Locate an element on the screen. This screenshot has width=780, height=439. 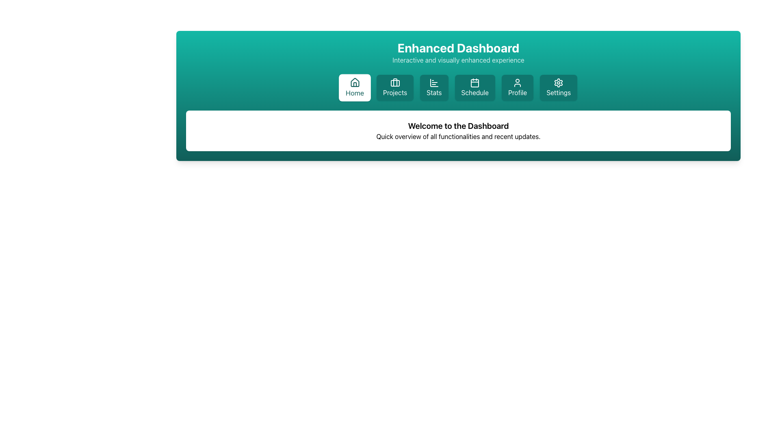
the 'Settings' text label, which is styled in white text on a dark teal background and located at the far right of the navigation bar, just to the right of the 'Profile' button is located at coordinates (558, 92).